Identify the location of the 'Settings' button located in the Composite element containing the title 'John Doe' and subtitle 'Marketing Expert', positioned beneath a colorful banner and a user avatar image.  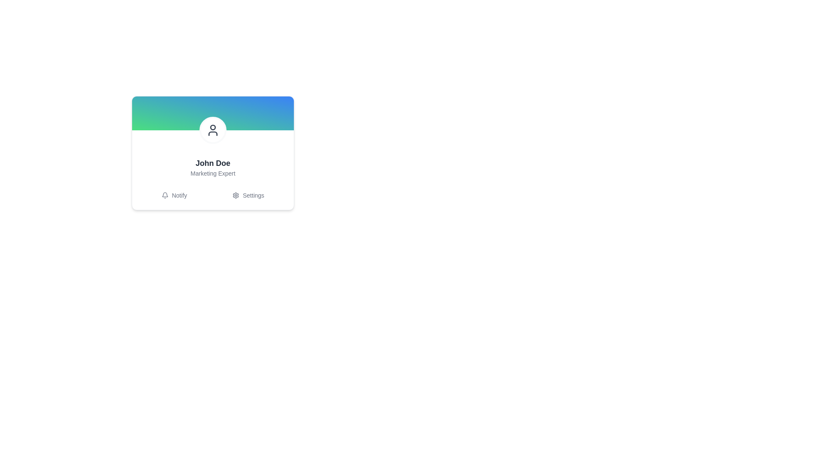
(213, 179).